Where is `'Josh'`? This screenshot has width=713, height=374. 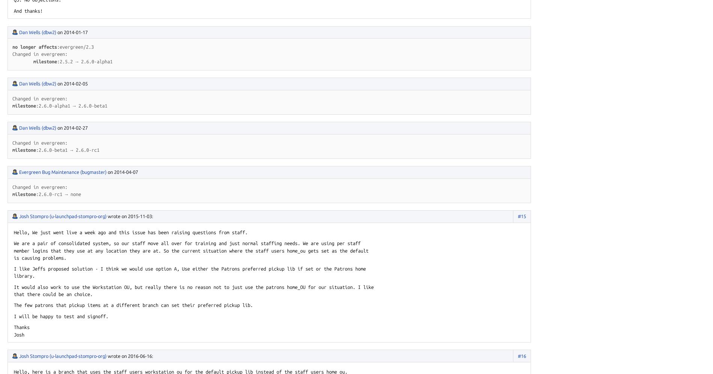 'Josh' is located at coordinates (19, 334).